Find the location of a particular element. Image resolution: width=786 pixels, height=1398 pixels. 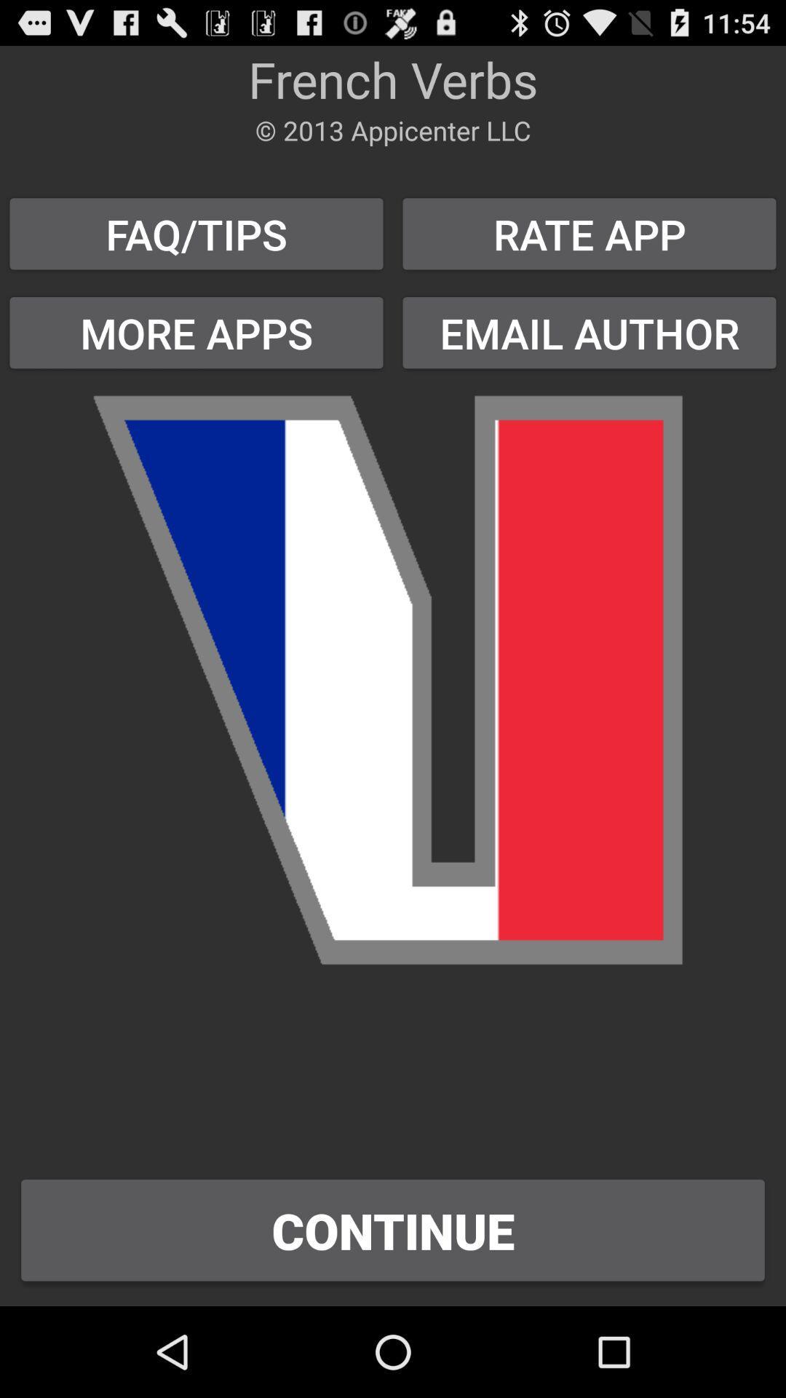

item to the right of the faq/tips button is located at coordinates (589, 234).